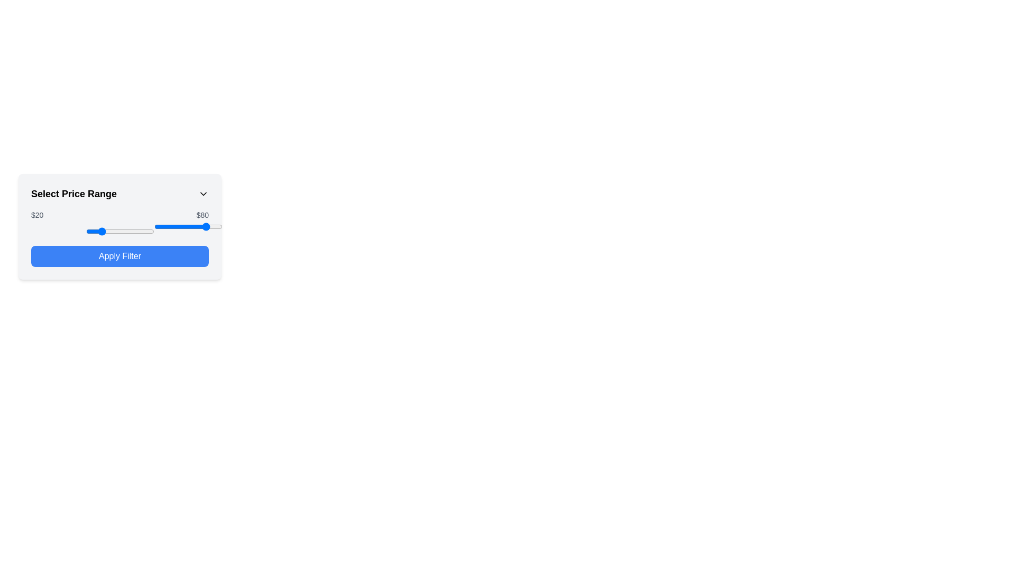 The image size is (1015, 571). I want to click on the slider value, so click(116, 231).